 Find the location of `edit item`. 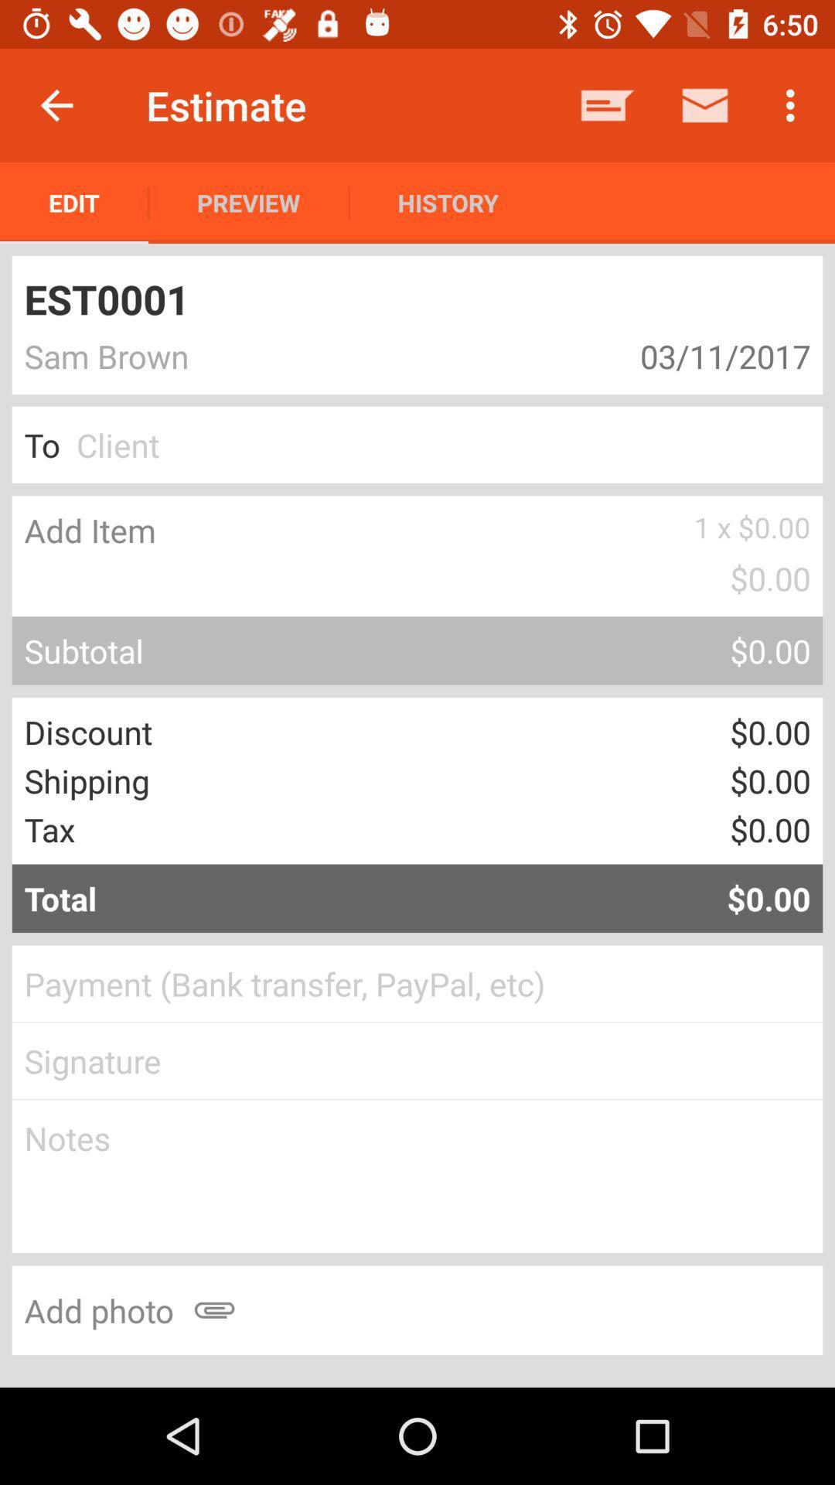

edit item is located at coordinates (74, 202).